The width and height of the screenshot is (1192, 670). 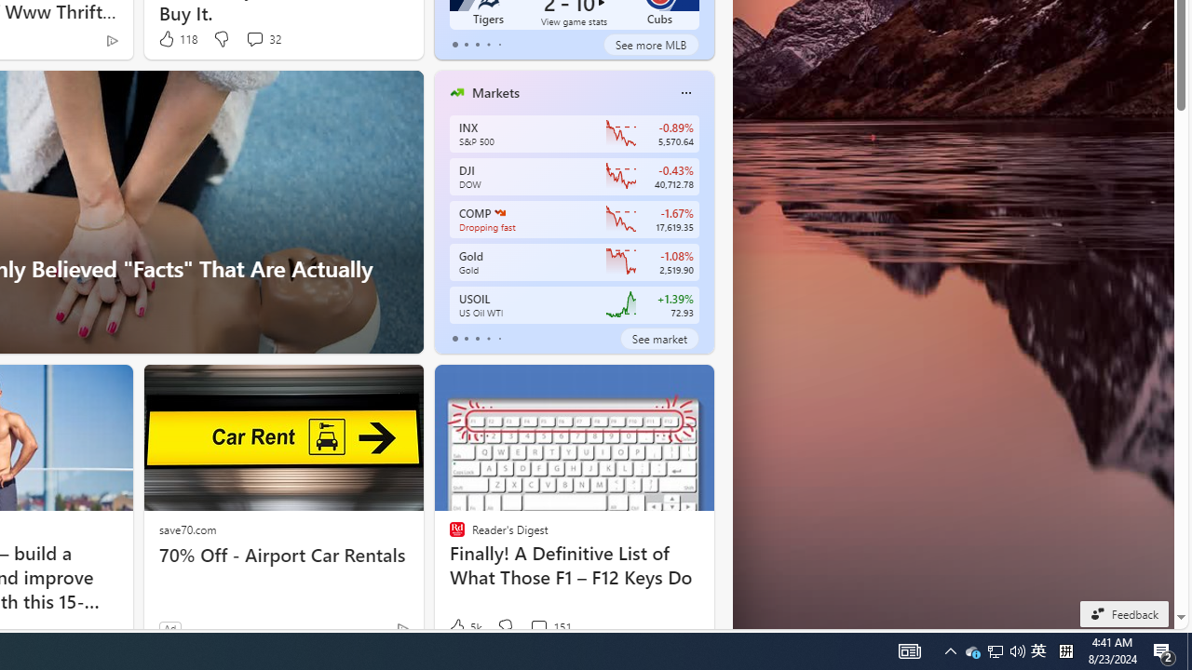 I want to click on 'Feedback', so click(x=1122, y=613).